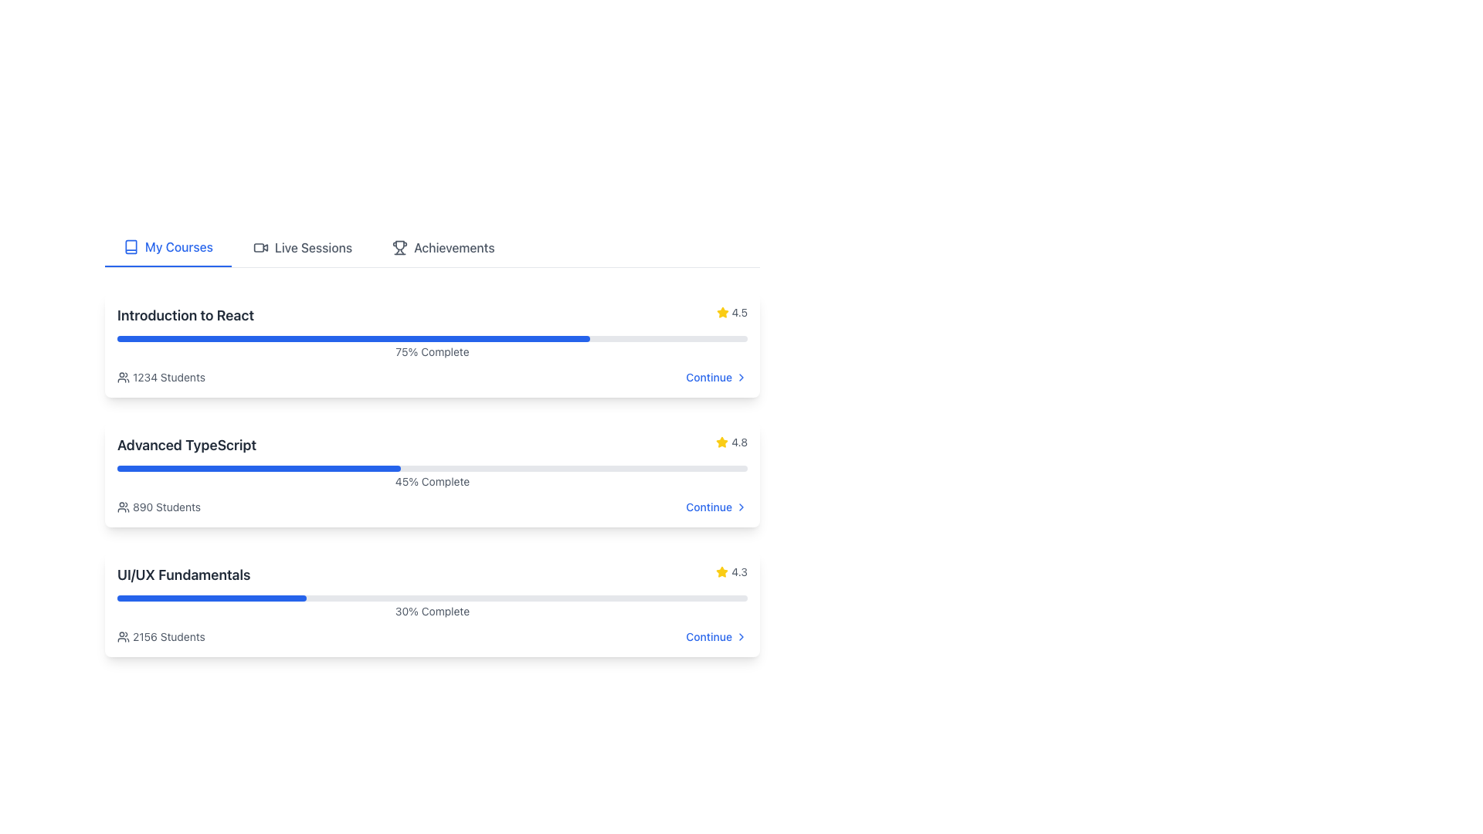 The height and width of the screenshot is (834, 1483). Describe the element at coordinates (122, 637) in the screenshot. I see `the student icon located to the left of the text '2156 Students' in the third course section labeled 'UI/UX Fundamentals'` at that location.